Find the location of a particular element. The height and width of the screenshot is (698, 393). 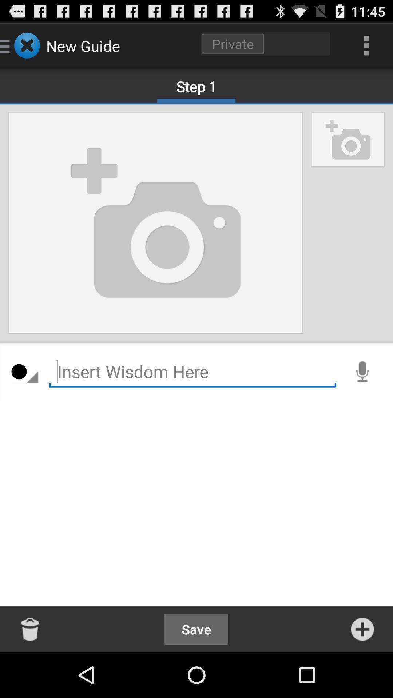

input tab is located at coordinates (192, 372).